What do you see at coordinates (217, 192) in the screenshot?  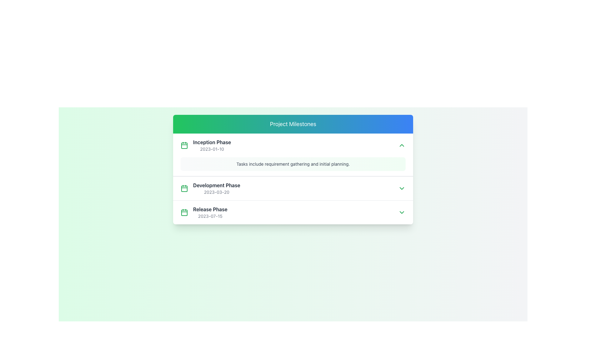 I see `date from the informational text label positioned below the 'Development Phase' text within the development milestone box` at bounding box center [217, 192].